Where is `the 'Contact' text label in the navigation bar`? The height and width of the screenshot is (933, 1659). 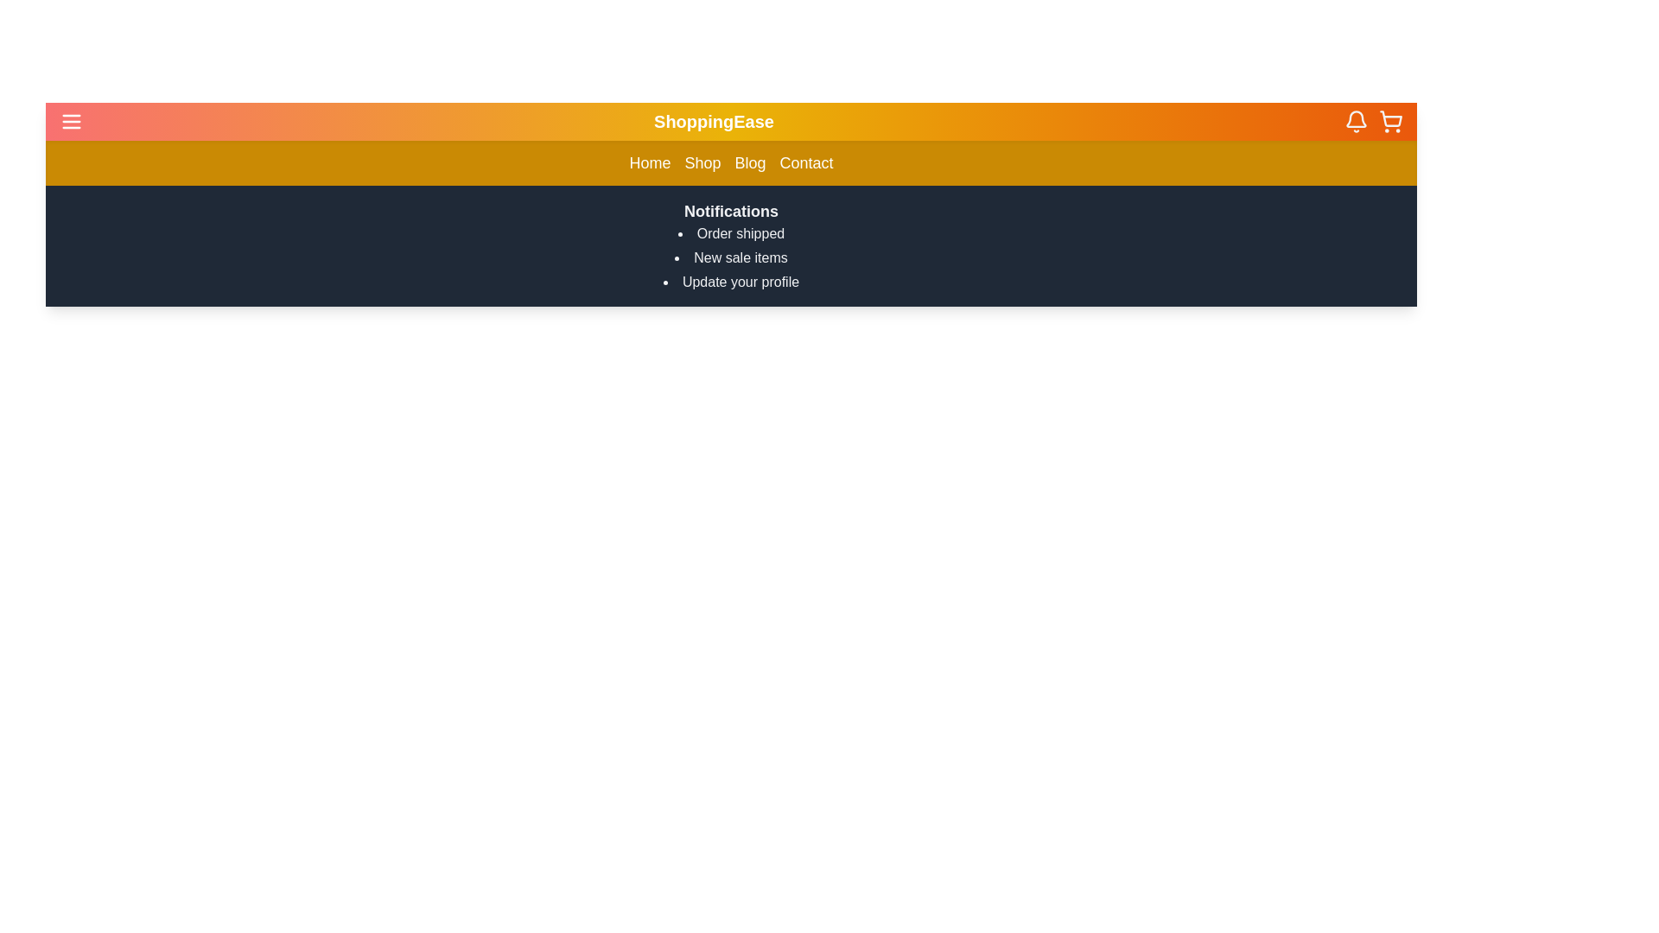
the 'Contact' text label in the navigation bar is located at coordinates (805, 163).